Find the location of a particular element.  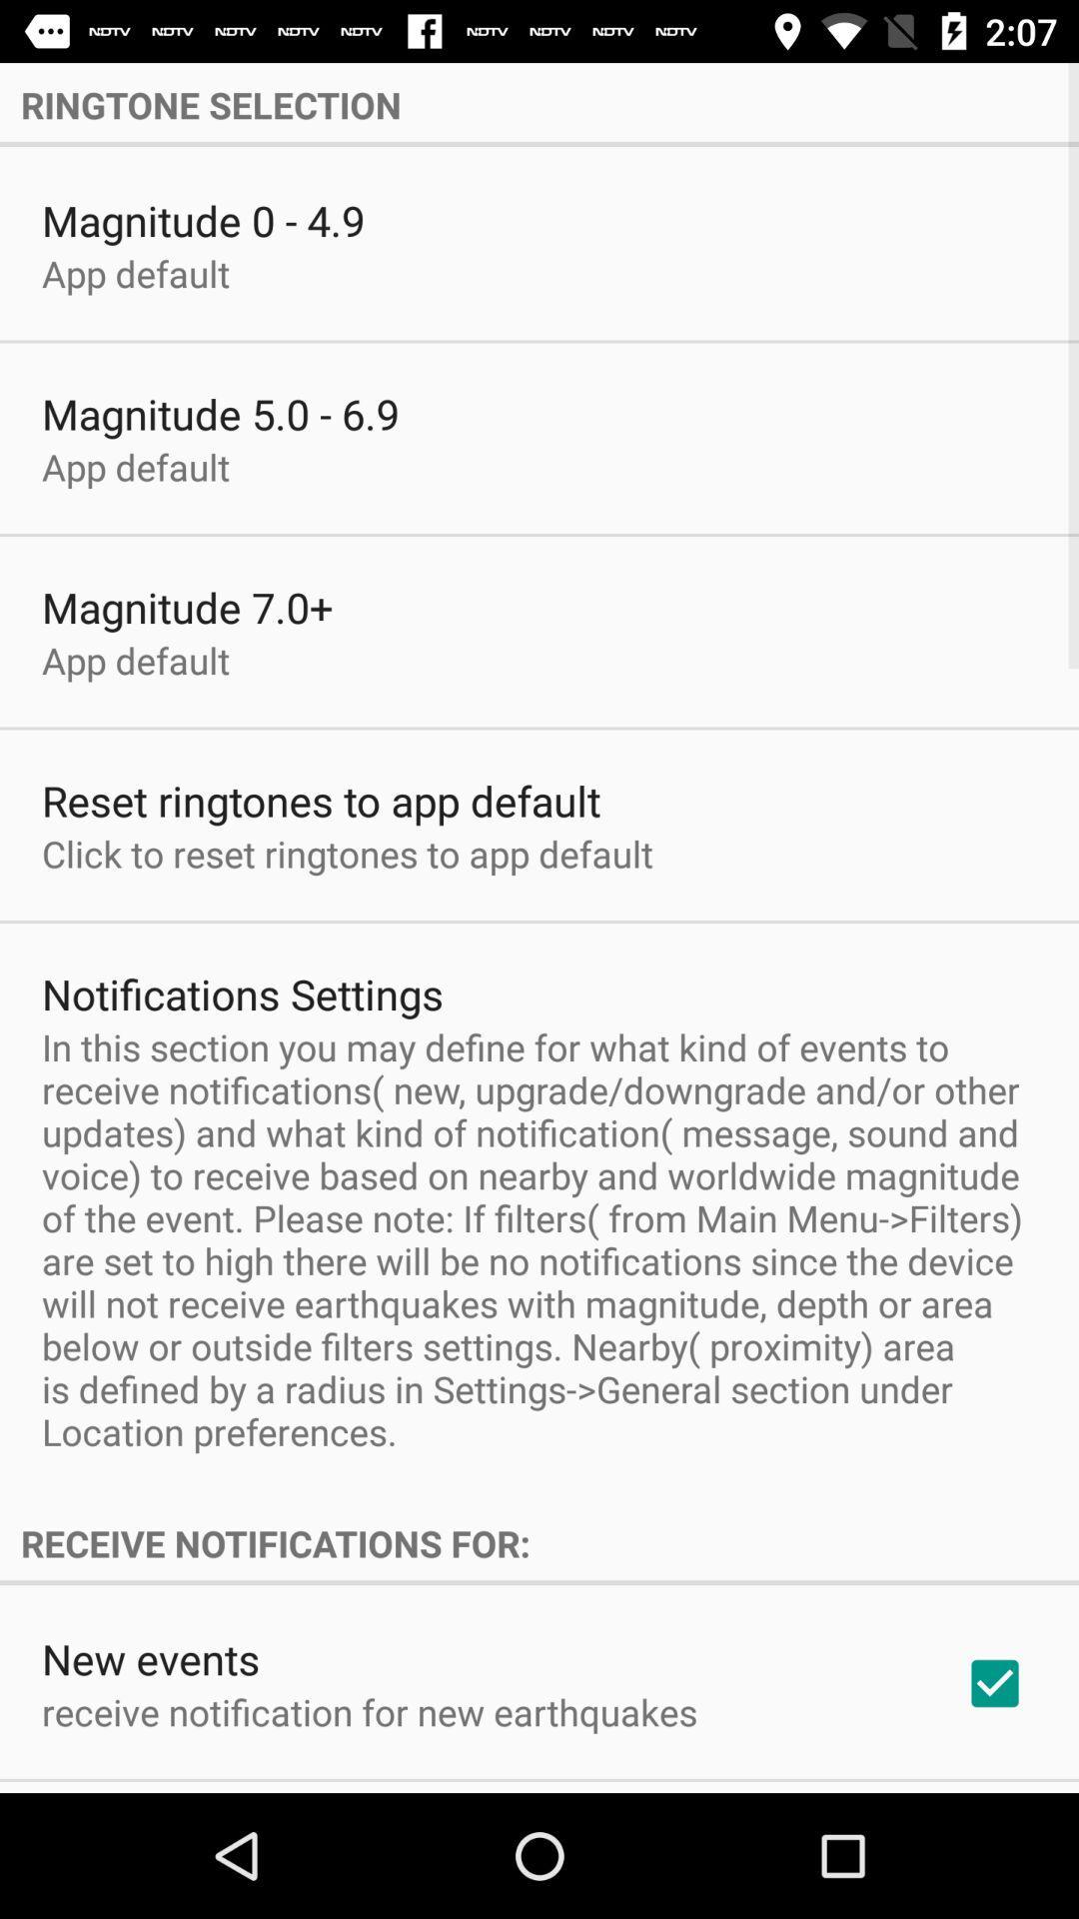

app below the notifications settings item is located at coordinates (539, 1238).